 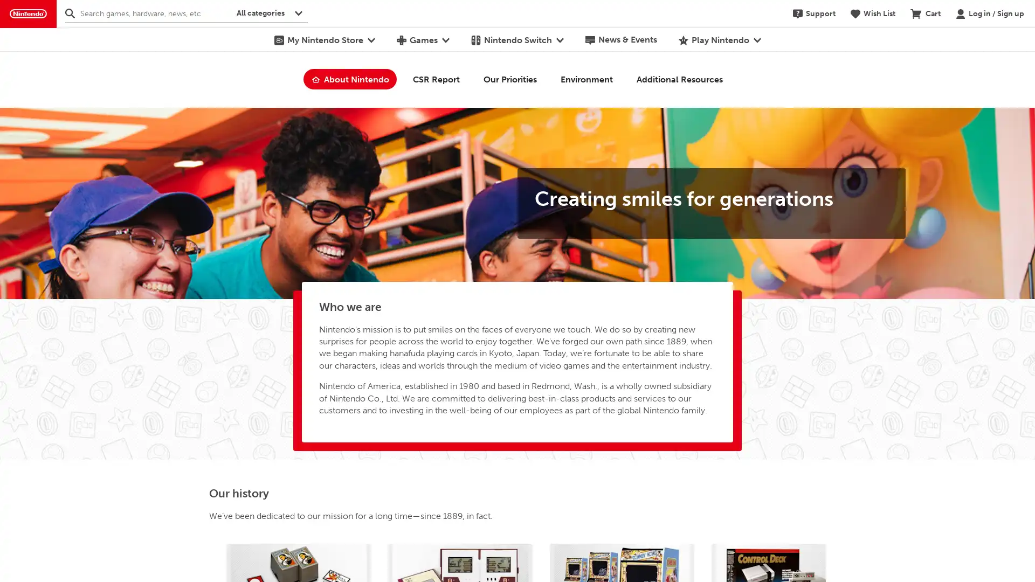 I want to click on Play Nintendo, so click(x=719, y=39).